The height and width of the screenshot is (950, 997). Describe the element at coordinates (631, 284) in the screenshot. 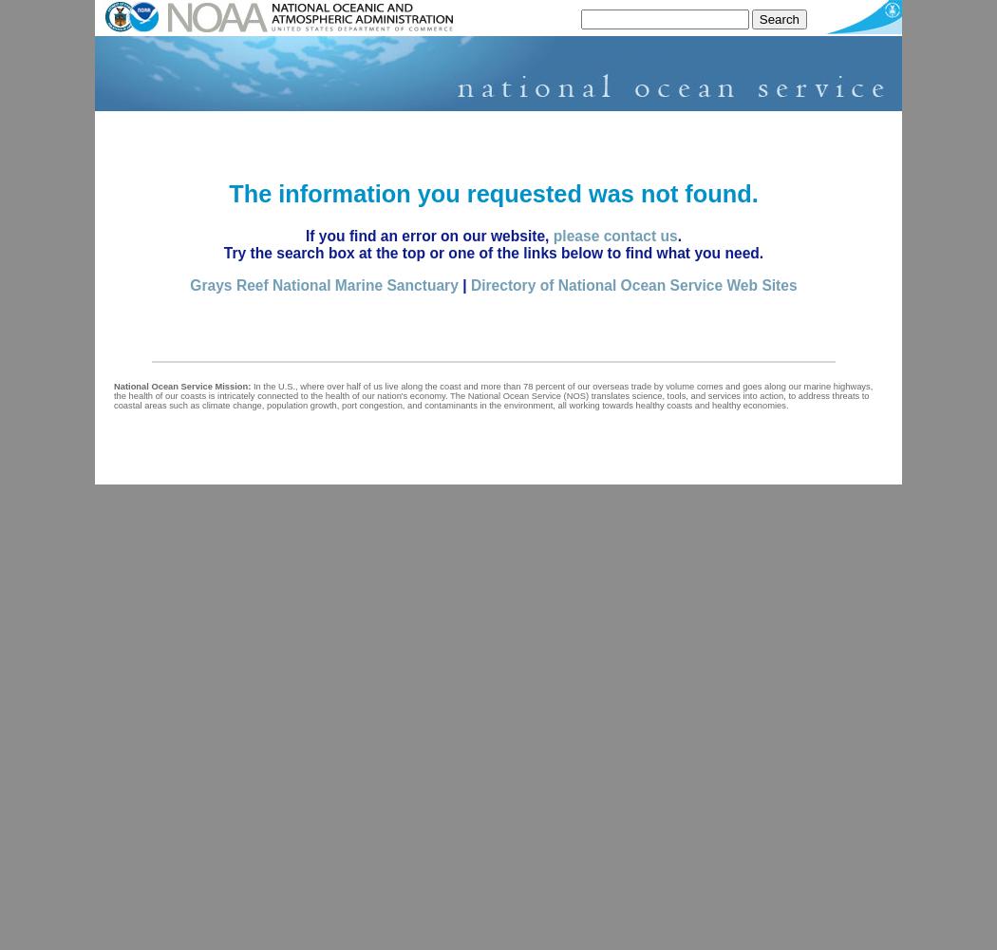

I see `'Directory of National Ocean Service Web Sites'` at that location.